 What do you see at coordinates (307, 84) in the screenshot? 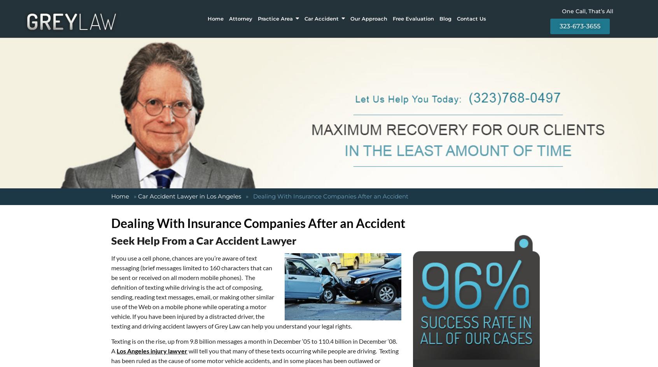
I see `'Statute Of Limitations For Accidents In California'` at bounding box center [307, 84].